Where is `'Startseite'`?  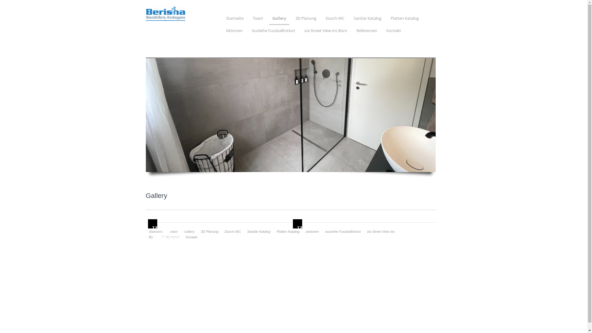 'Startseite' is located at coordinates (155, 232).